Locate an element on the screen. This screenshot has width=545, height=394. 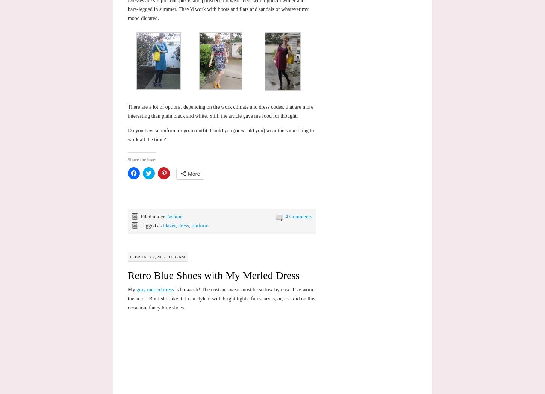
'Tagged as' is located at coordinates (139, 225).